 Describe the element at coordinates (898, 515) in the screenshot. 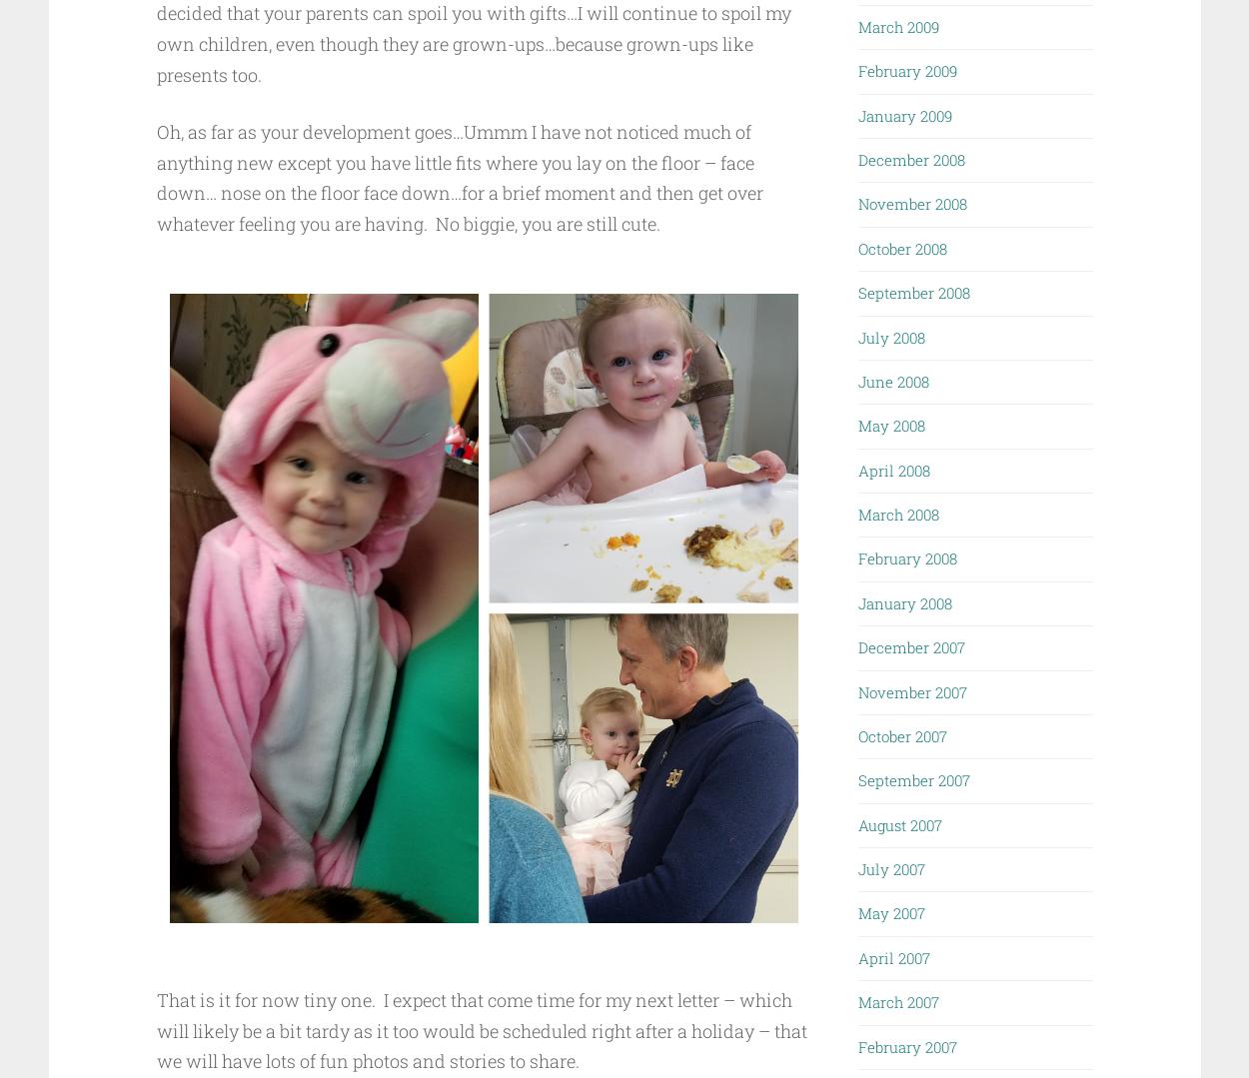

I see `'March 2008'` at that location.